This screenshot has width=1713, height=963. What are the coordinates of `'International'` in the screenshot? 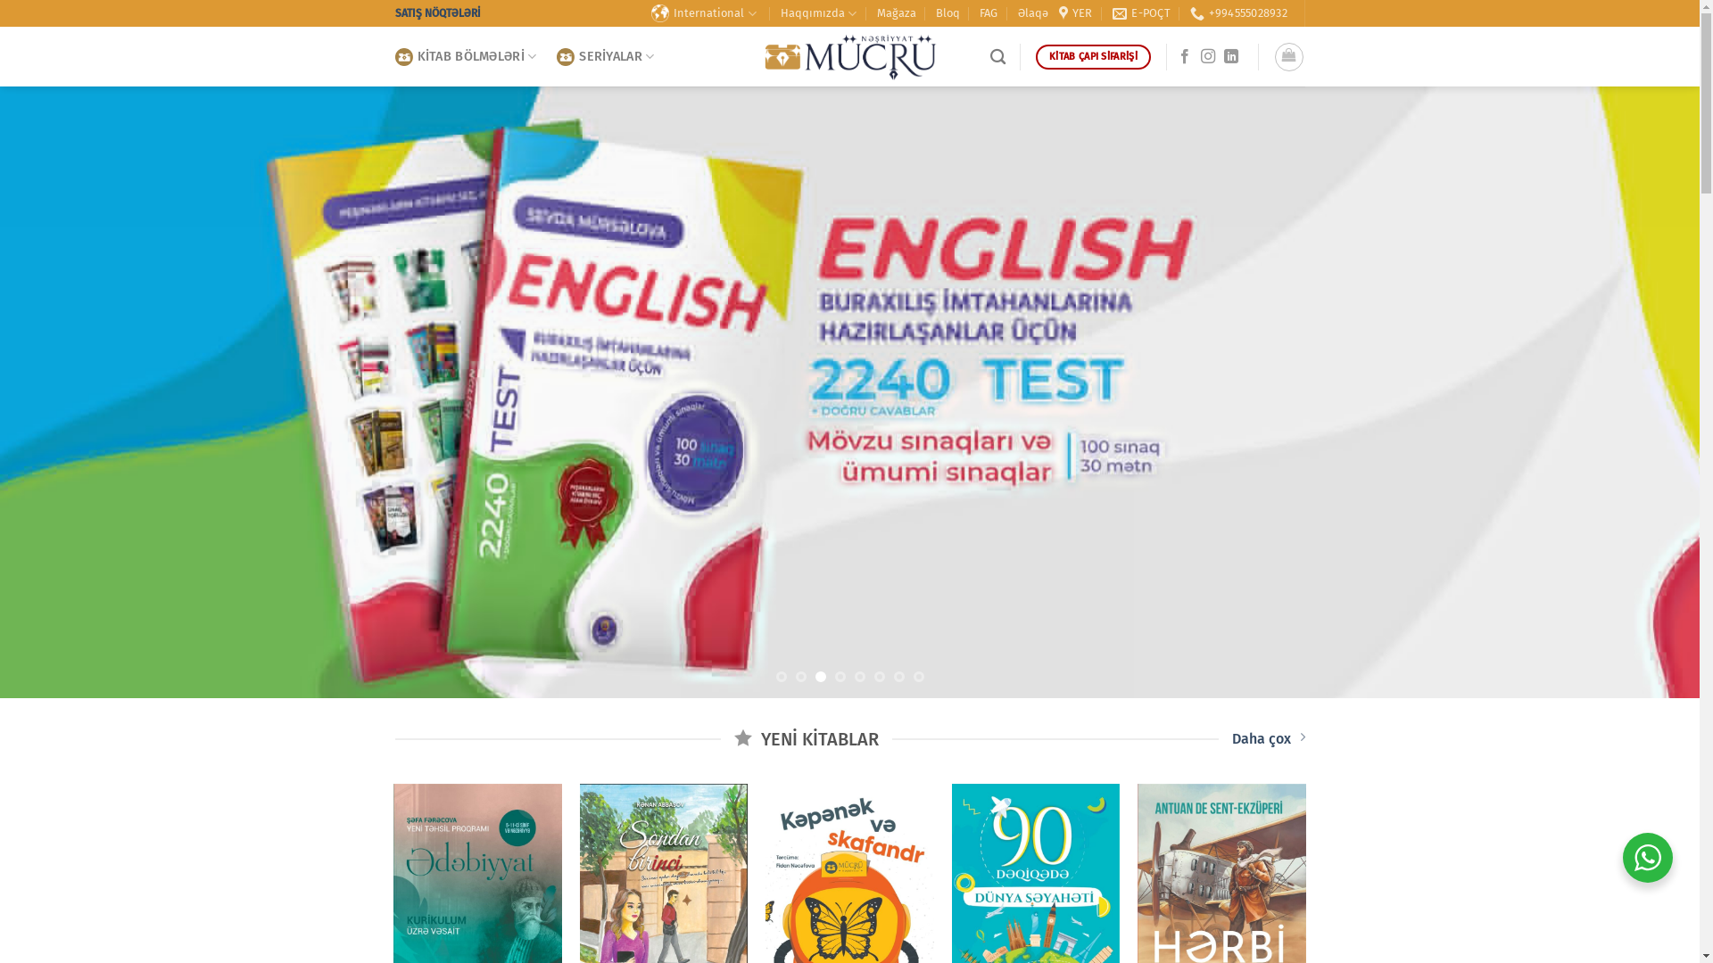 It's located at (705, 13).